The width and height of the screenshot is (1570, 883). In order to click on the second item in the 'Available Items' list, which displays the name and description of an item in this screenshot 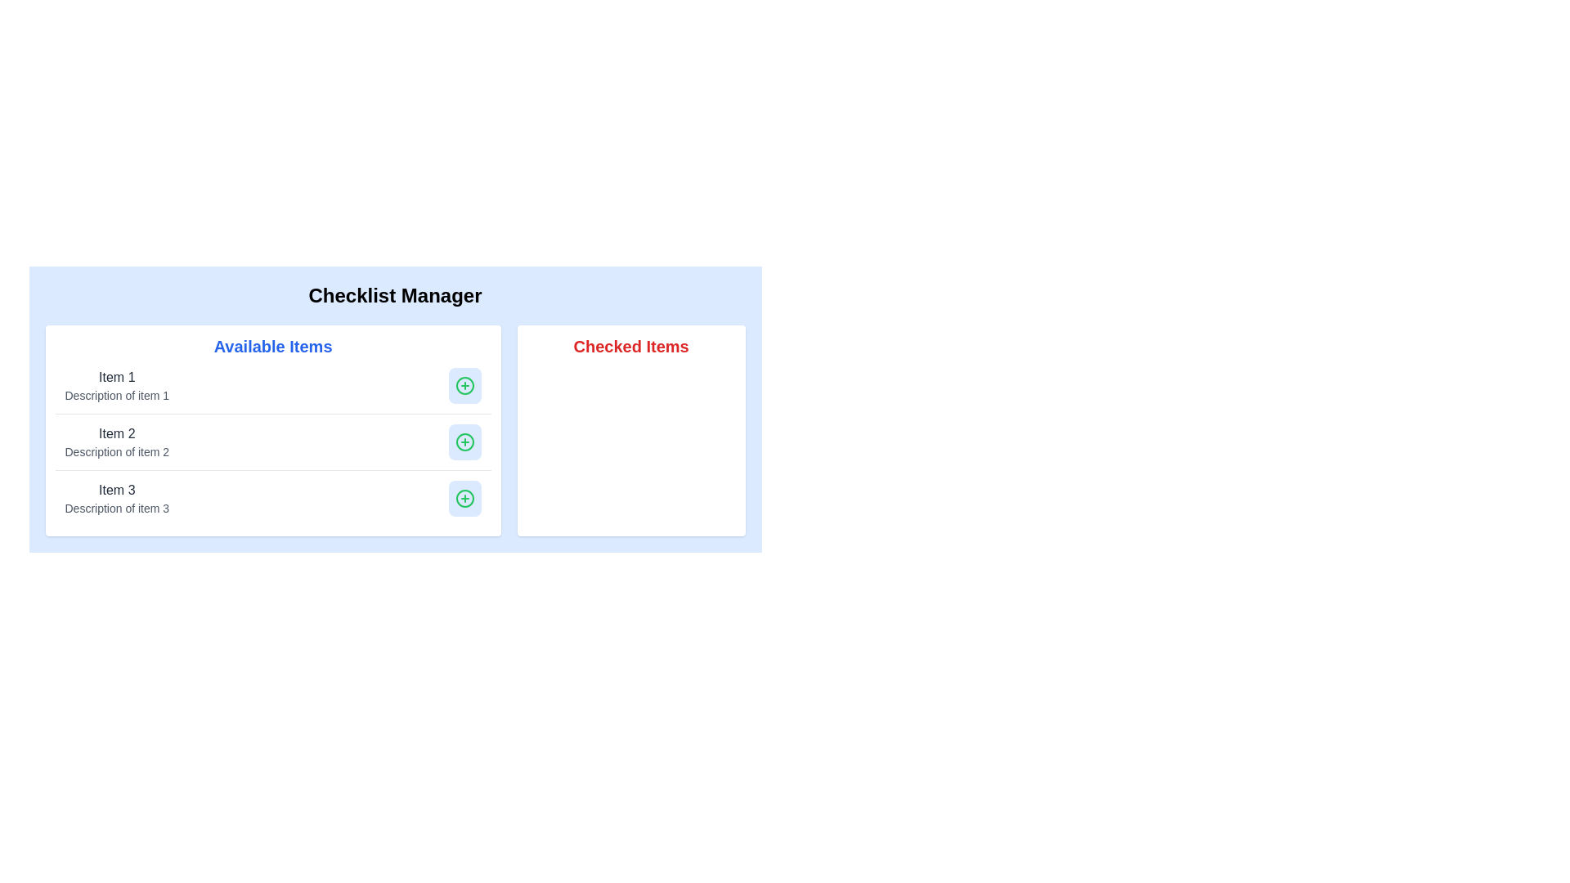, I will do `click(116, 441)`.